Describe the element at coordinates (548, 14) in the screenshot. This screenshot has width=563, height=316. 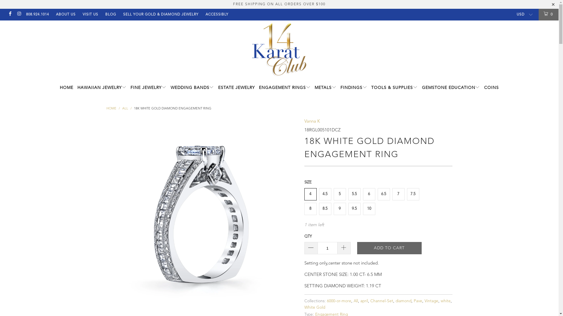
I see `'0'` at that location.